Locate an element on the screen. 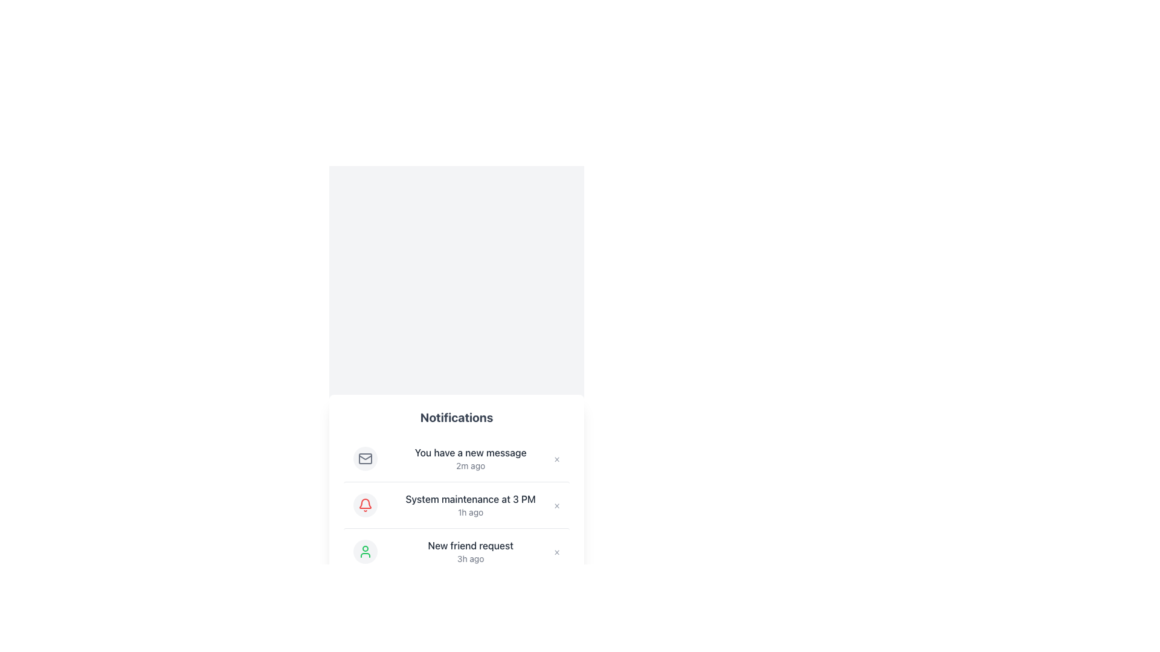 This screenshot has height=652, width=1160. the title text in the notification section is located at coordinates (456, 417).